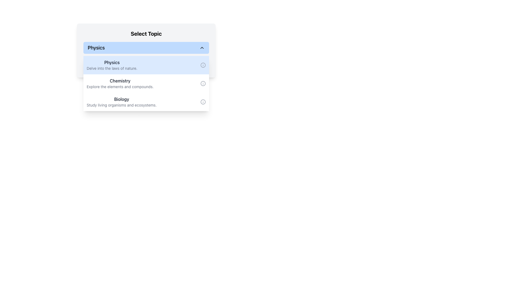 This screenshot has width=520, height=292. What do you see at coordinates (201, 48) in the screenshot?
I see `the Chevron icon that toggles the visibility of the 'Physics' dropdown menu` at bounding box center [201, 48].